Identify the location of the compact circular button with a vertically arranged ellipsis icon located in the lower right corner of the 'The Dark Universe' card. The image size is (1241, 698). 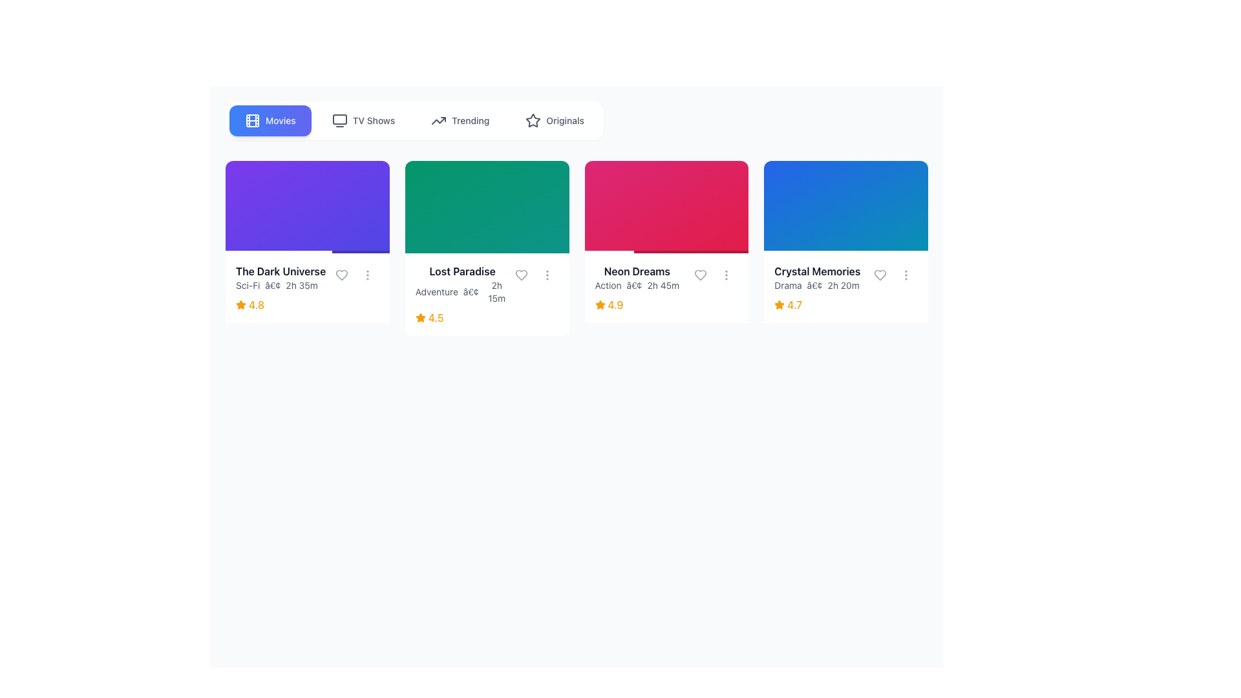
(366, 274).